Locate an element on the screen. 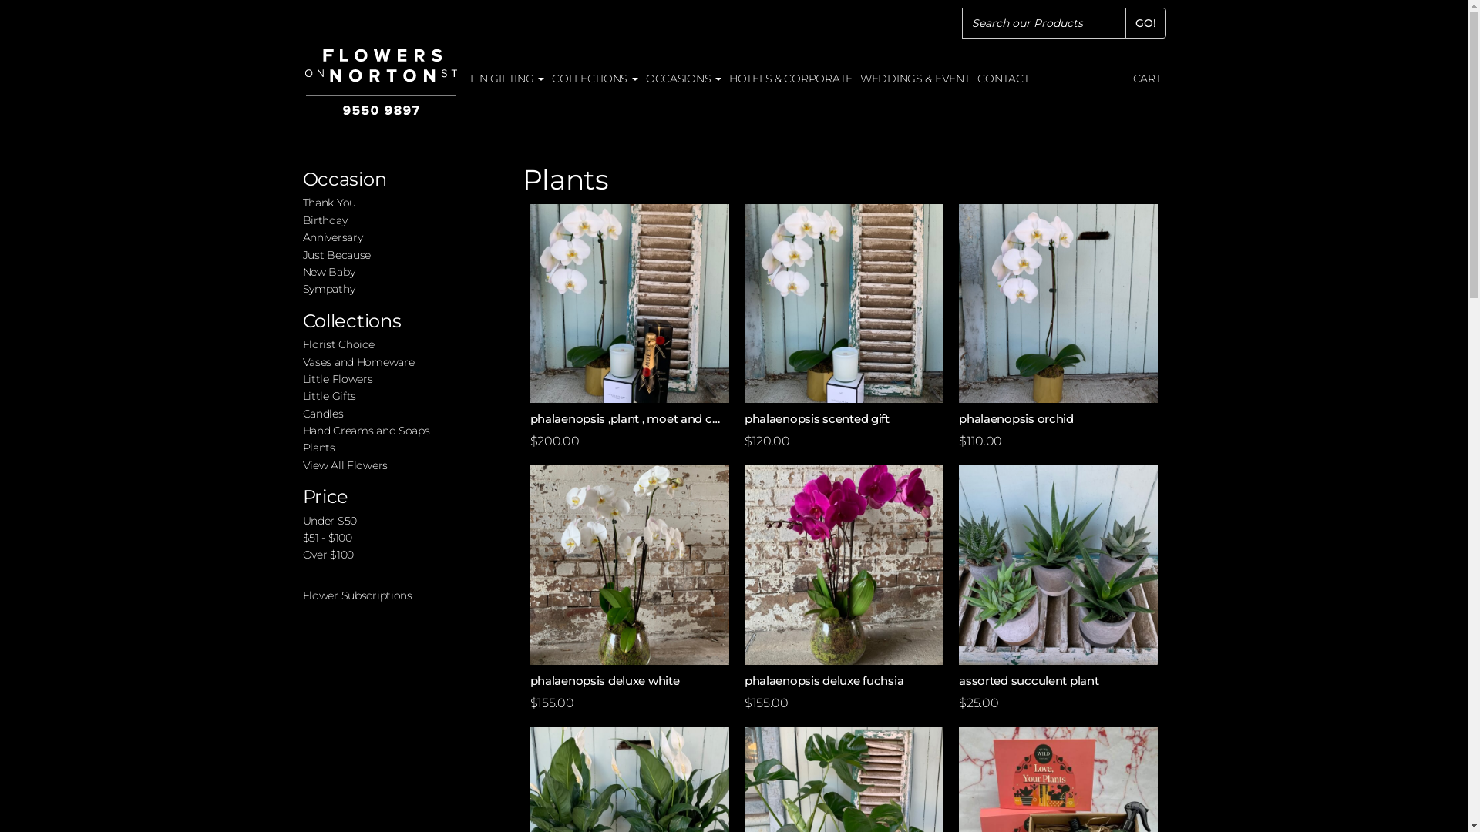 This screenshot has width=1480, height=832. 'Phalaenopsis ,plant , moet and candle' is located at coordinates (629, 303).